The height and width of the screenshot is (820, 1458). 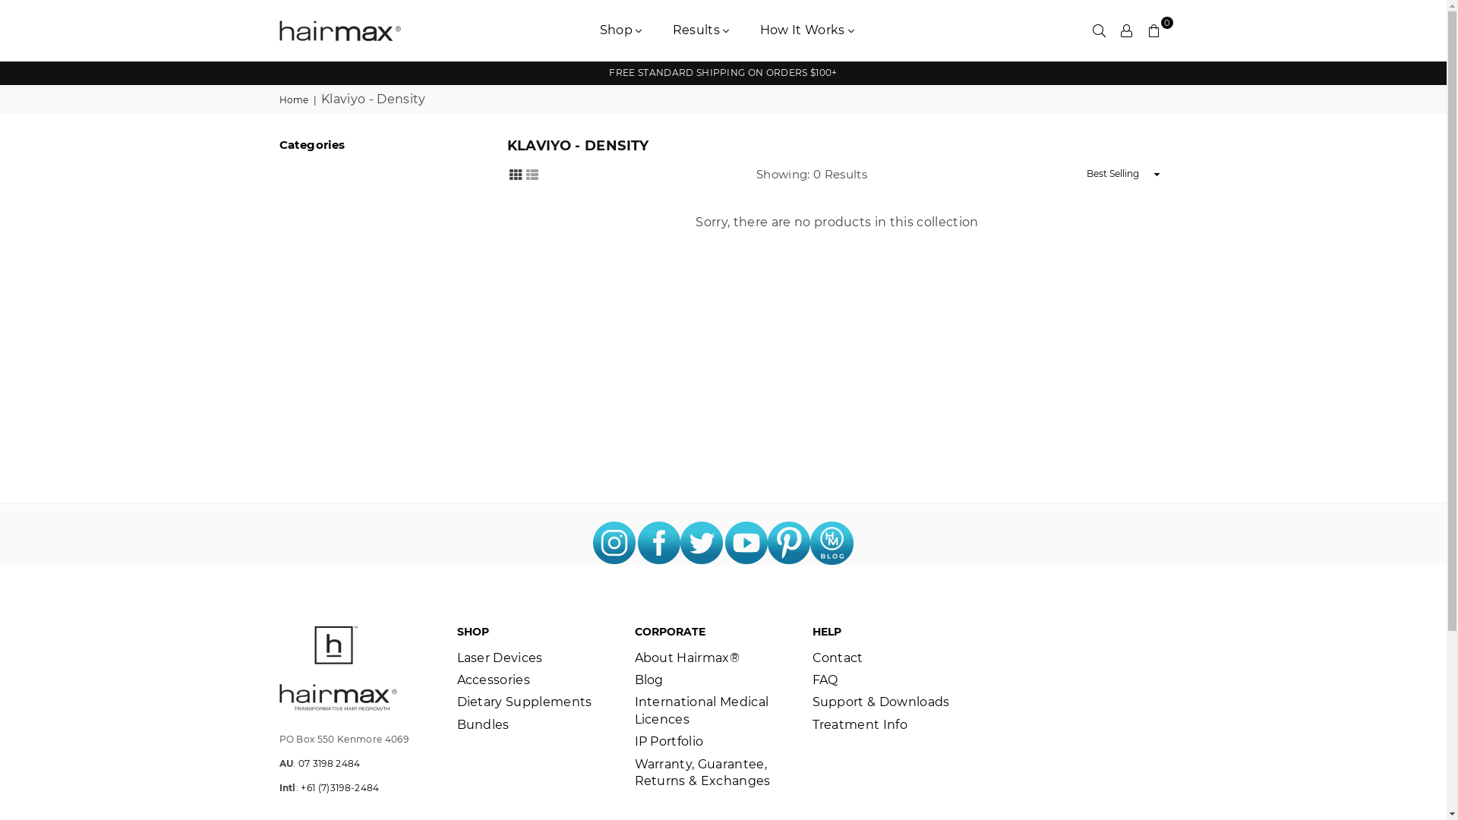 What do you see at coordinates (634, 679) in the screenshot?
I see `'Blog'` at bounding box center [634, 679].